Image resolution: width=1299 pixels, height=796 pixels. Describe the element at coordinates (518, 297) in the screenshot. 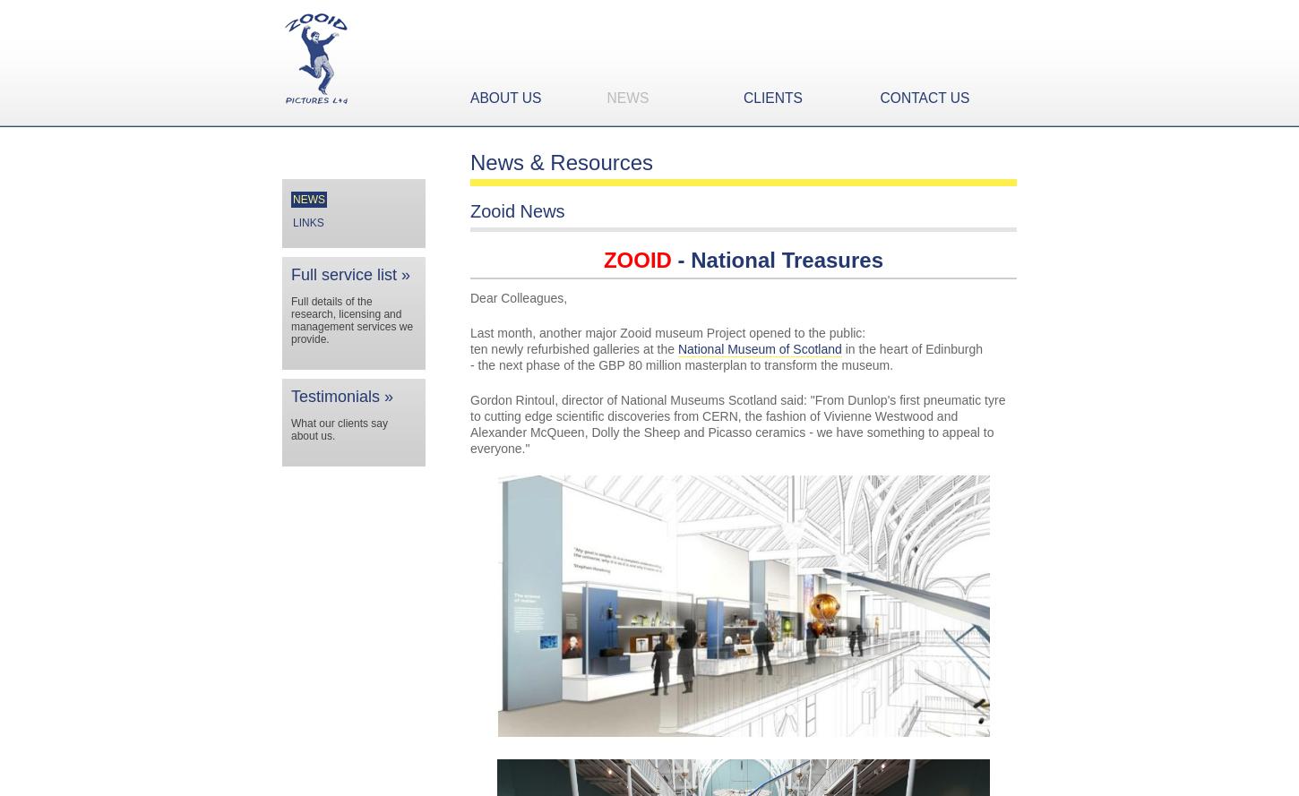

I see `'Dear Colleagues,'` at that location.